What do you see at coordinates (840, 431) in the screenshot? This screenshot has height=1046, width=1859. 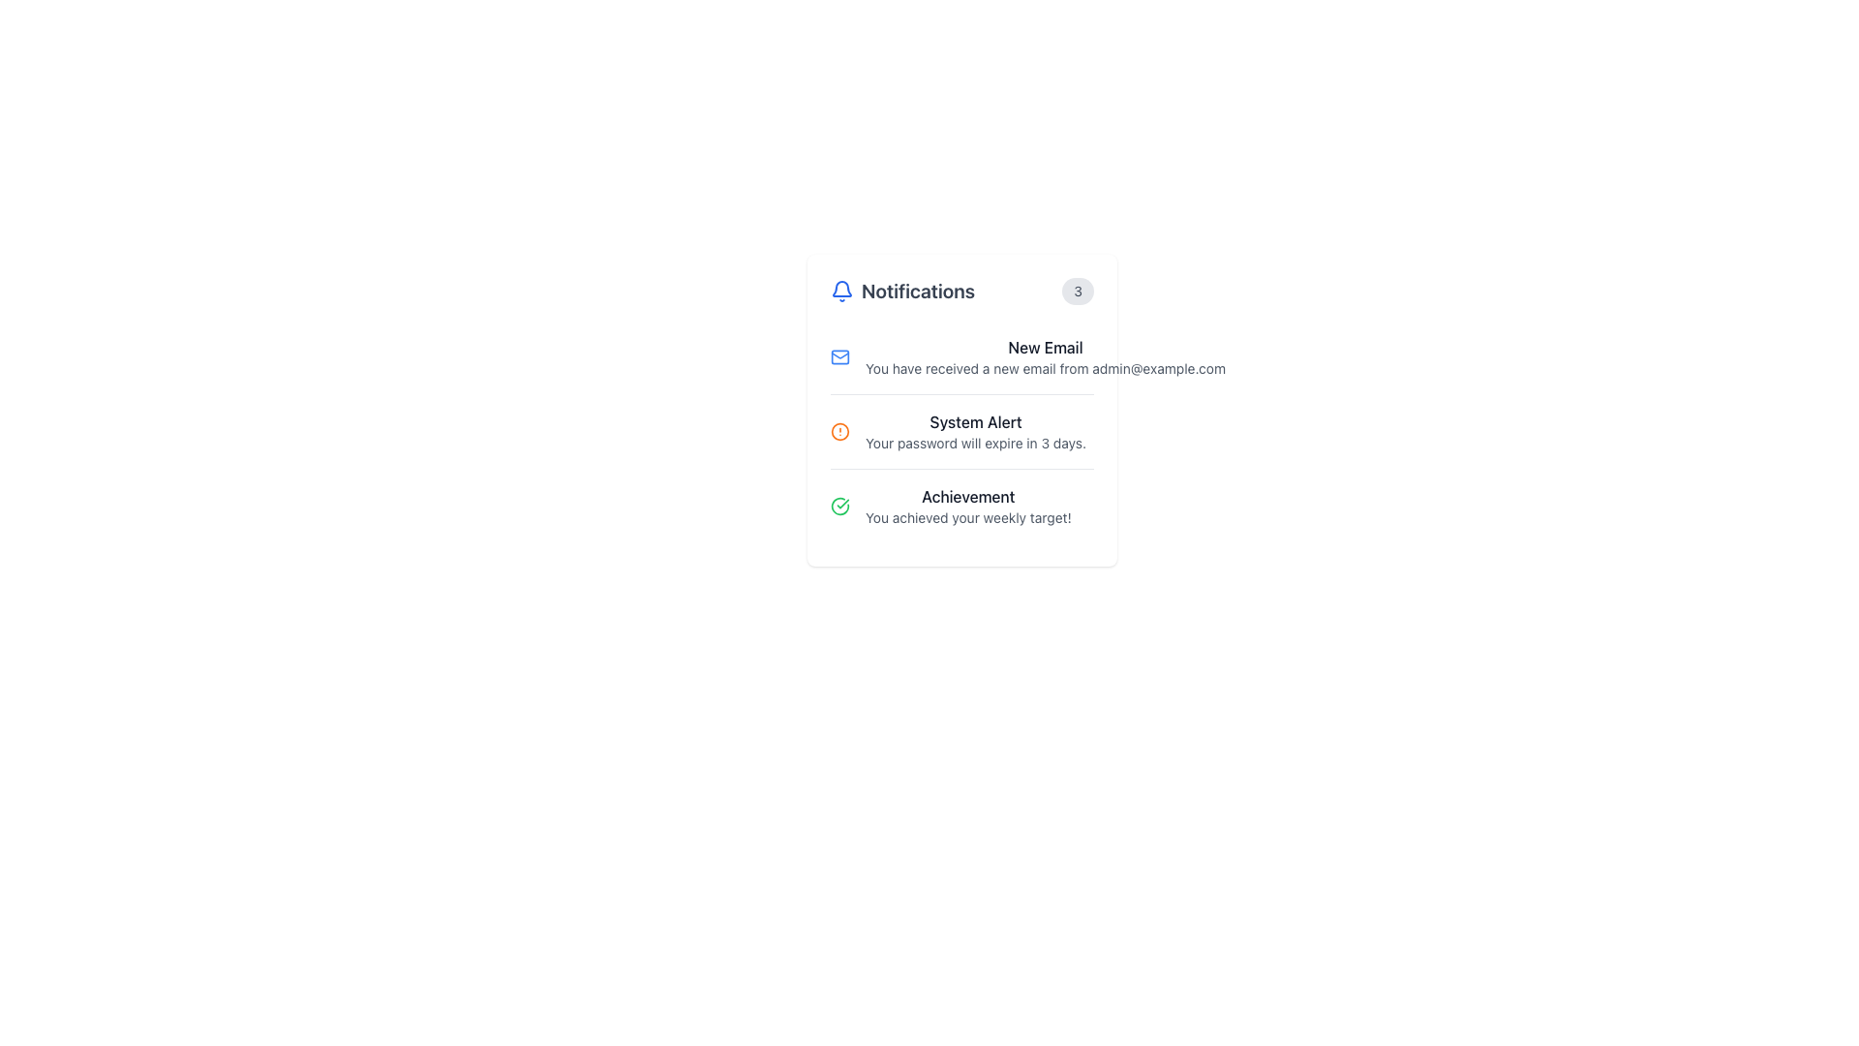 I see `the circular notification icon with an orange outline and white center, featuring an orange exclamation mark, located next to the 'System Alert' notification text` at bounding box center [840, 431].